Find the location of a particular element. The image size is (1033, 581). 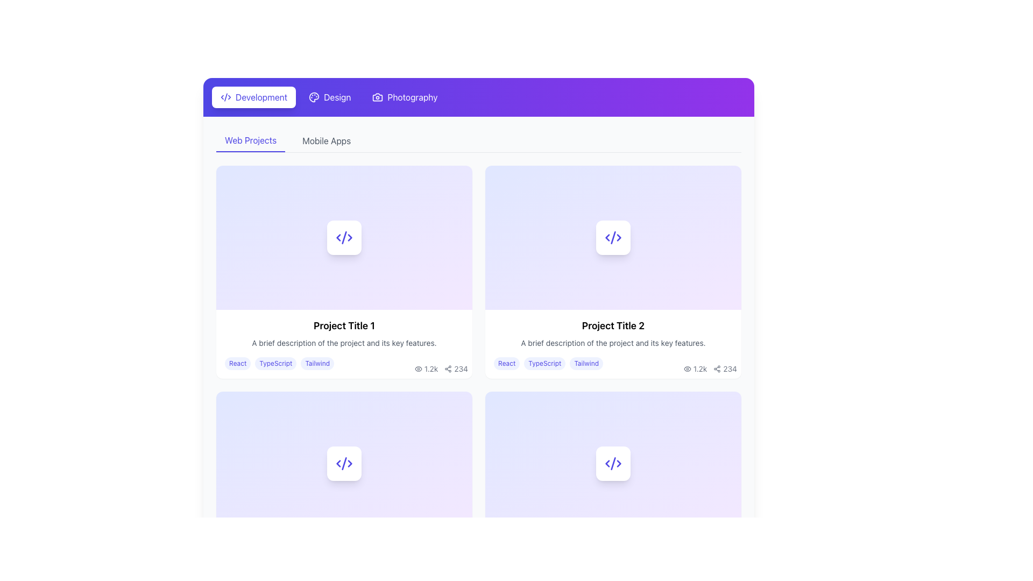

the 'Project Title 2' text label, which is prominently styled and positioned at the top-middle section of the card layout is located at coordinates (613, 325).